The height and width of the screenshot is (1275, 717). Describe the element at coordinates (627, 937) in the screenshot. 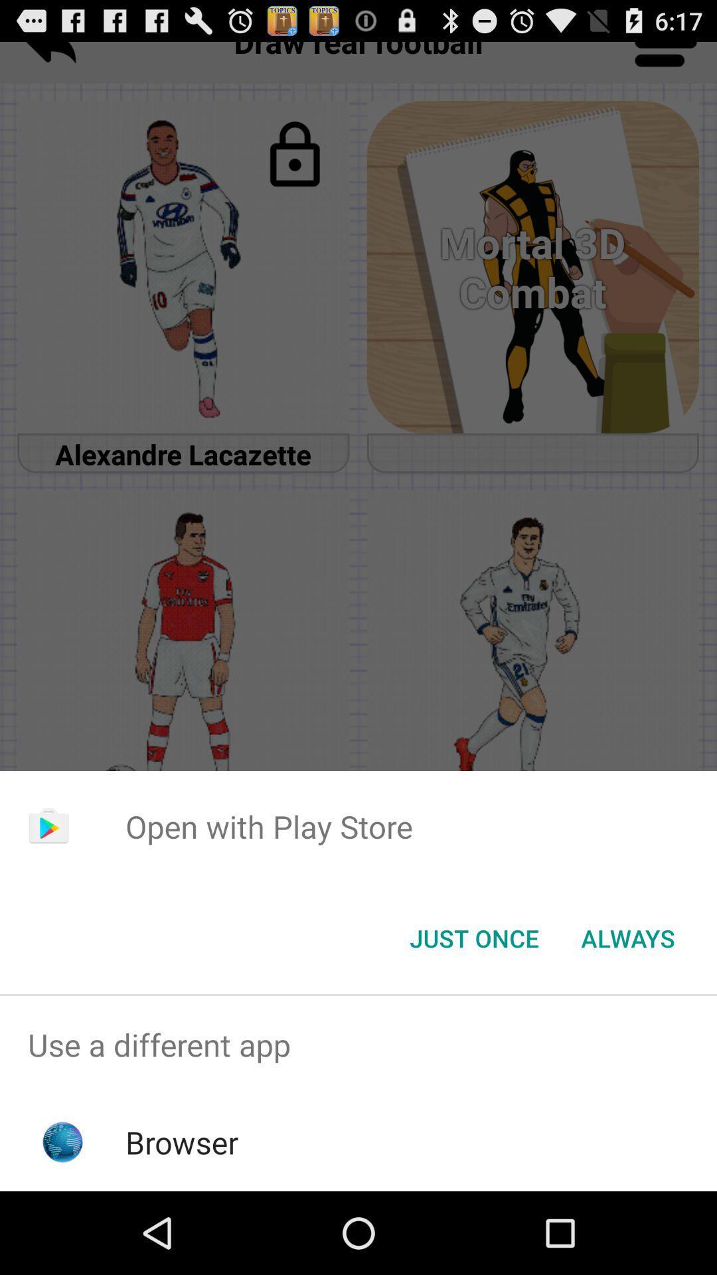

I see `icon next to just once item` at that location.